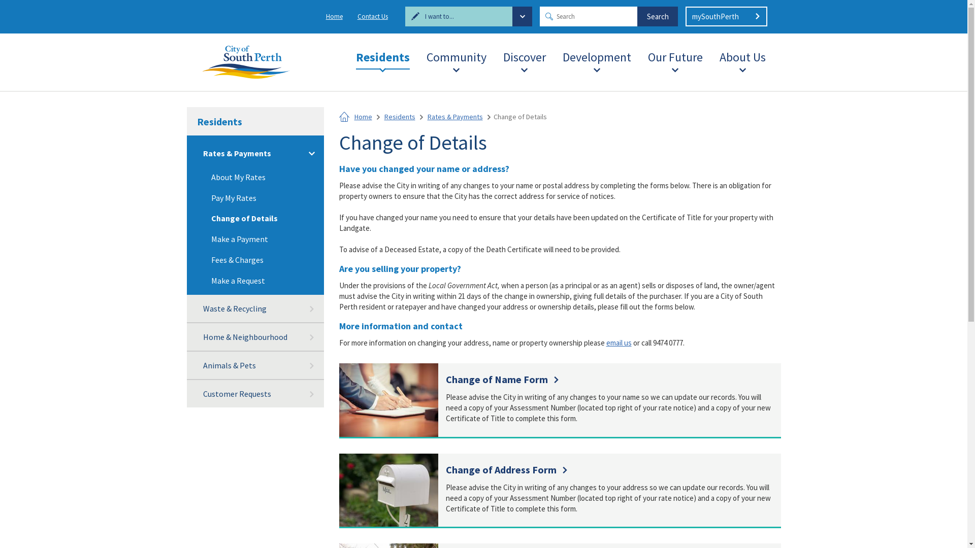  I want to click on 'Make a Payment', so click(255, 238).